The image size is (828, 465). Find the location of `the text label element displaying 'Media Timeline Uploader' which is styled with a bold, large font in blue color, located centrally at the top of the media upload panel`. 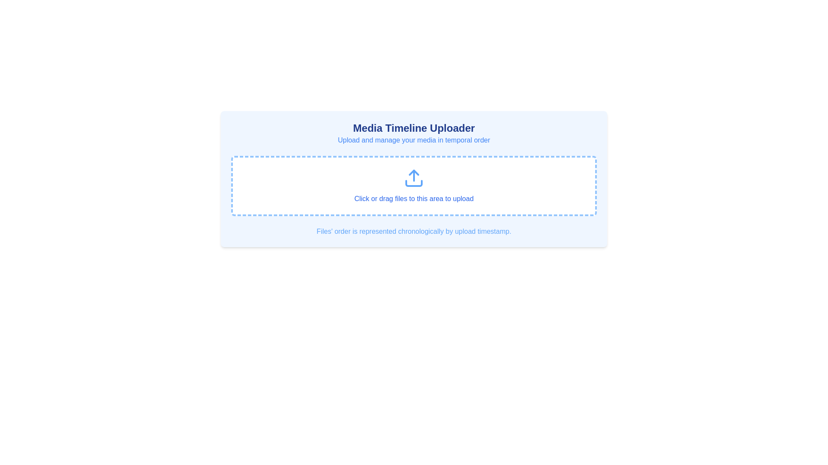

the text label element displaying 'Media Timeline Uploader' which is styled with a bold, large font in blue color, located centrally at the top of the media upload panel is located at coordinates (414, 128).